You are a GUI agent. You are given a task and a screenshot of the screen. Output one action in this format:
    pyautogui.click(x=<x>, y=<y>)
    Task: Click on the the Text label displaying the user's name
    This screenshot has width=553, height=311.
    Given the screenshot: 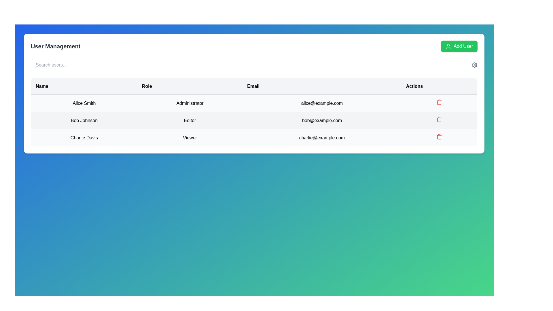 What is the action you would take?
    pyautogui.click(x=84, y=138)
    